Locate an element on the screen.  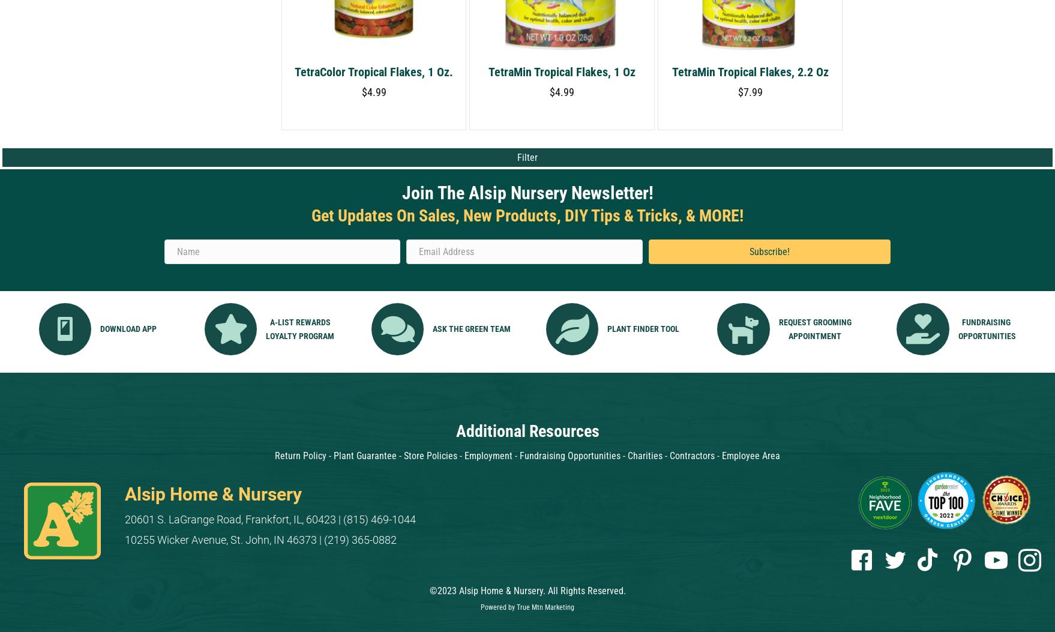
'Charities' is located at coordinates (627, 455).